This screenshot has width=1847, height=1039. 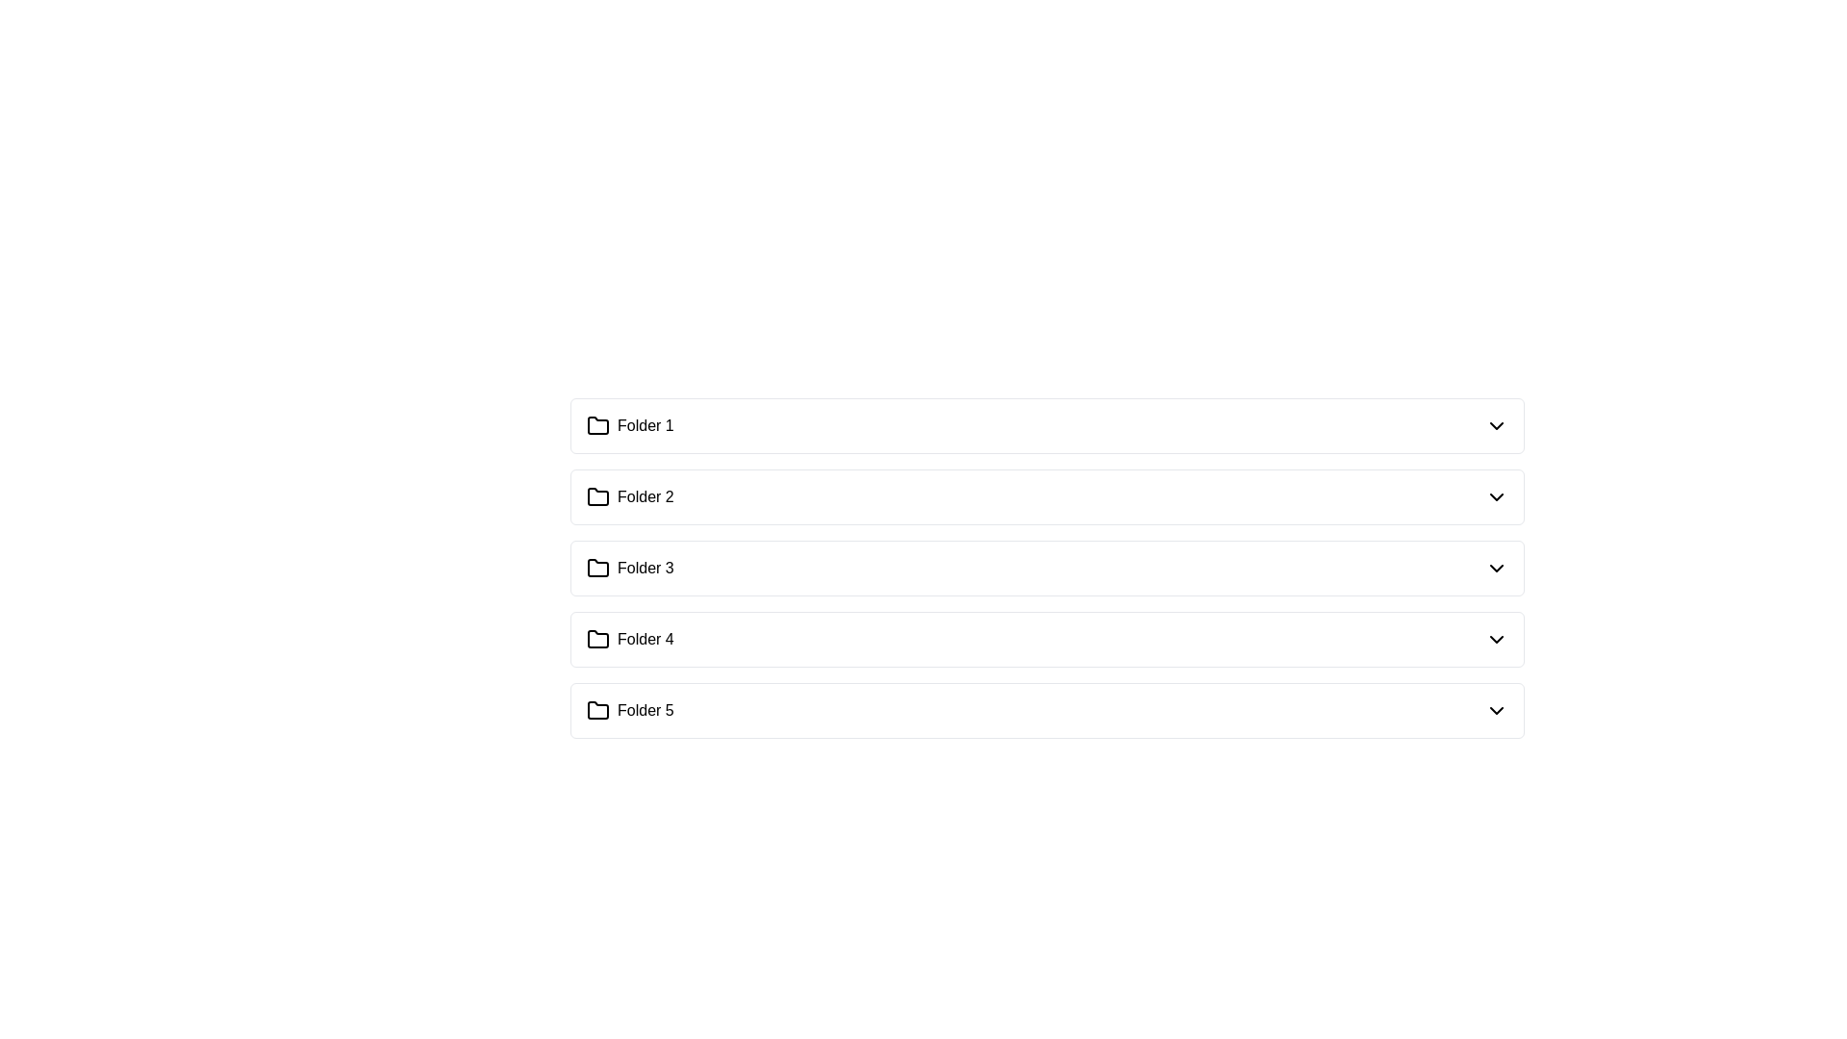 What do you see at coordinates (630, 425) in the screenshot?
I see `the label with the icon representing the folder named 'Folder 1', which is the first item in a vertical list of folder entries` at bounding box center [630, 425].